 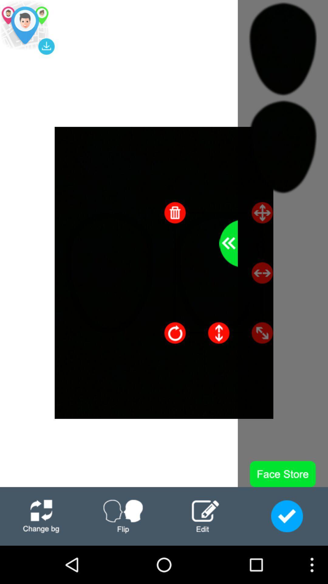 I want to click on icon page, so click(x=123, y=516).